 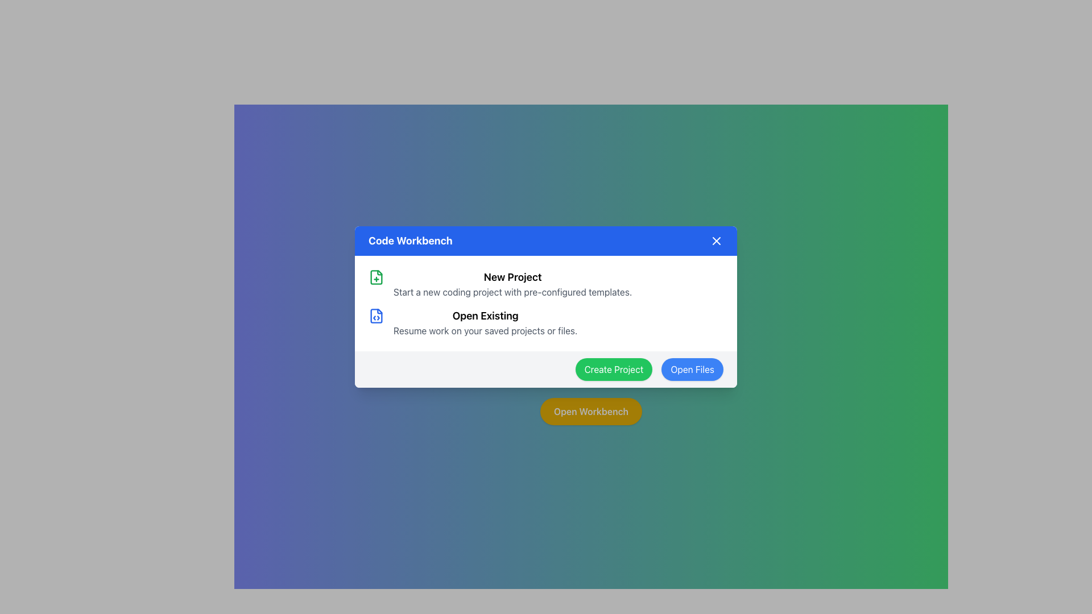 What do you see at coordinates (377, 316) in the screenshot?
I see `the icon for opening existing projects or files located within the 'Code Workbench' modal, positioned to the left of the 'Open Existing' text` at bounding box center [377, 316].